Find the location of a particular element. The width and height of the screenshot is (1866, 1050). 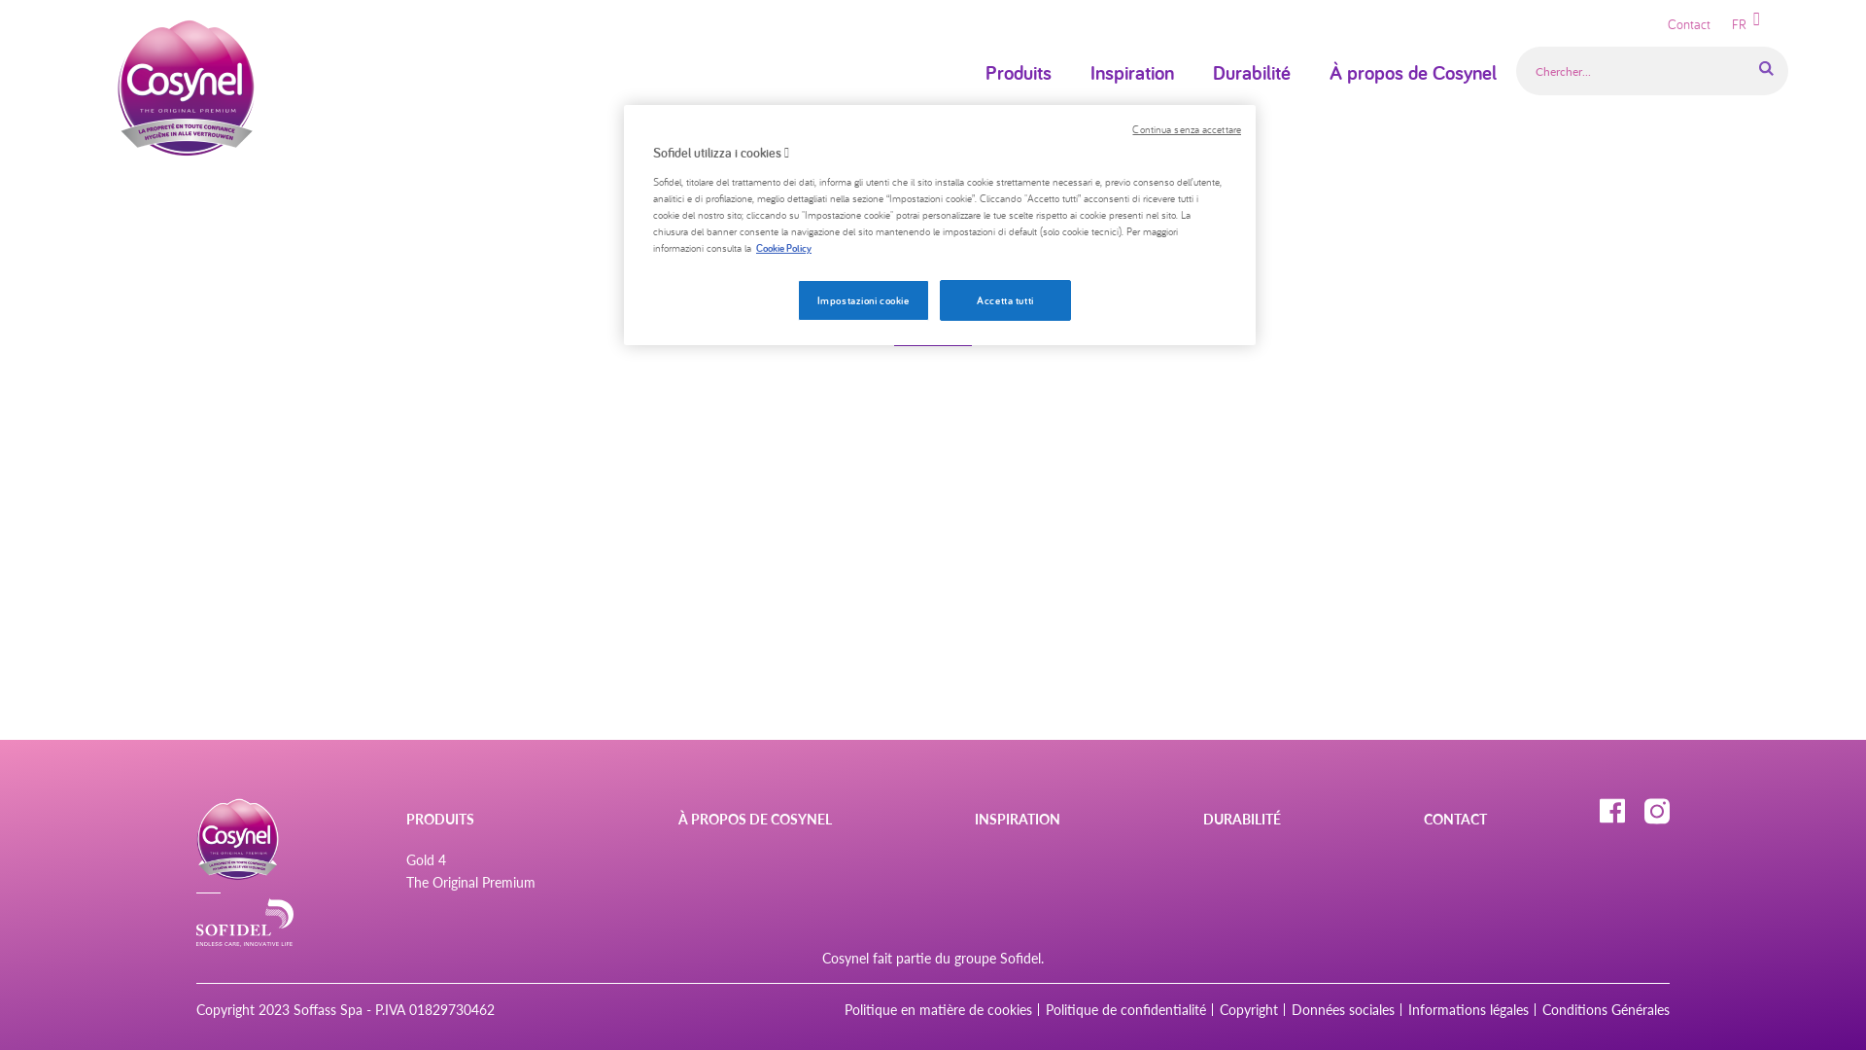

'PRODUITS' is located at coordinates (404, 819).